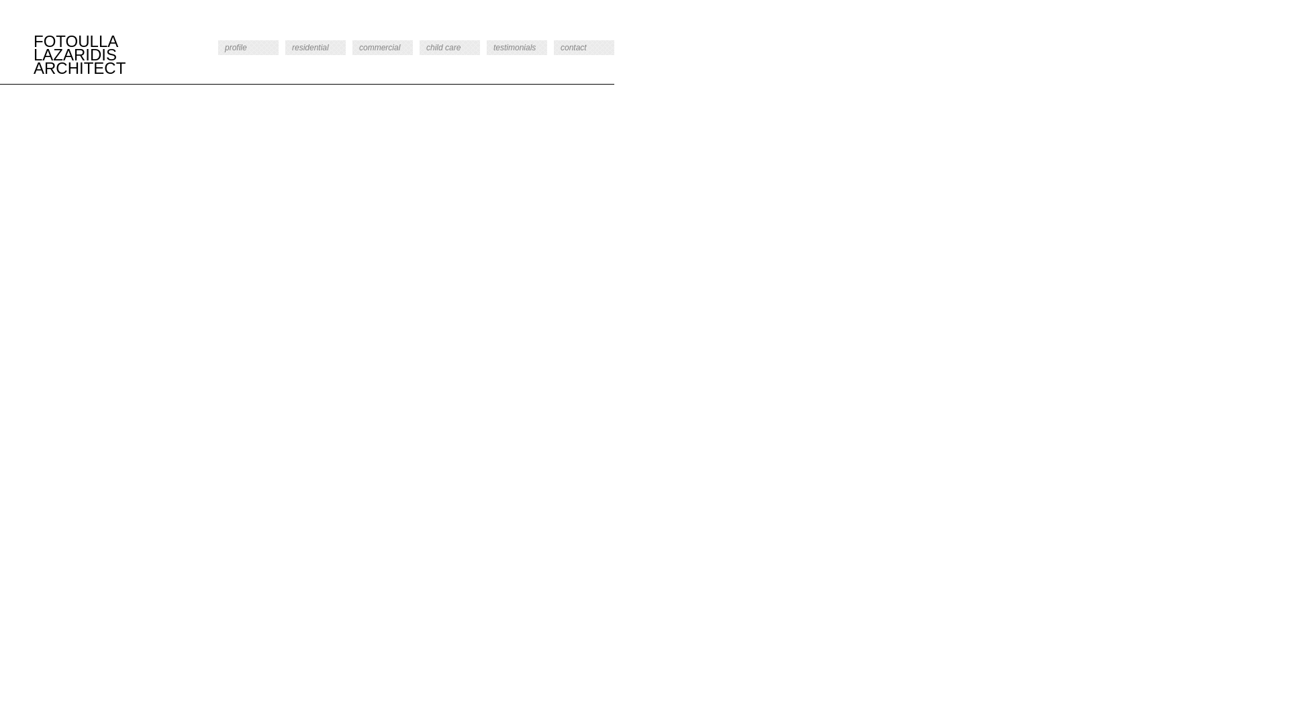 The height and width of the screenshot is (725, 1289). I want to click on 'commercial', so click(382, 46).